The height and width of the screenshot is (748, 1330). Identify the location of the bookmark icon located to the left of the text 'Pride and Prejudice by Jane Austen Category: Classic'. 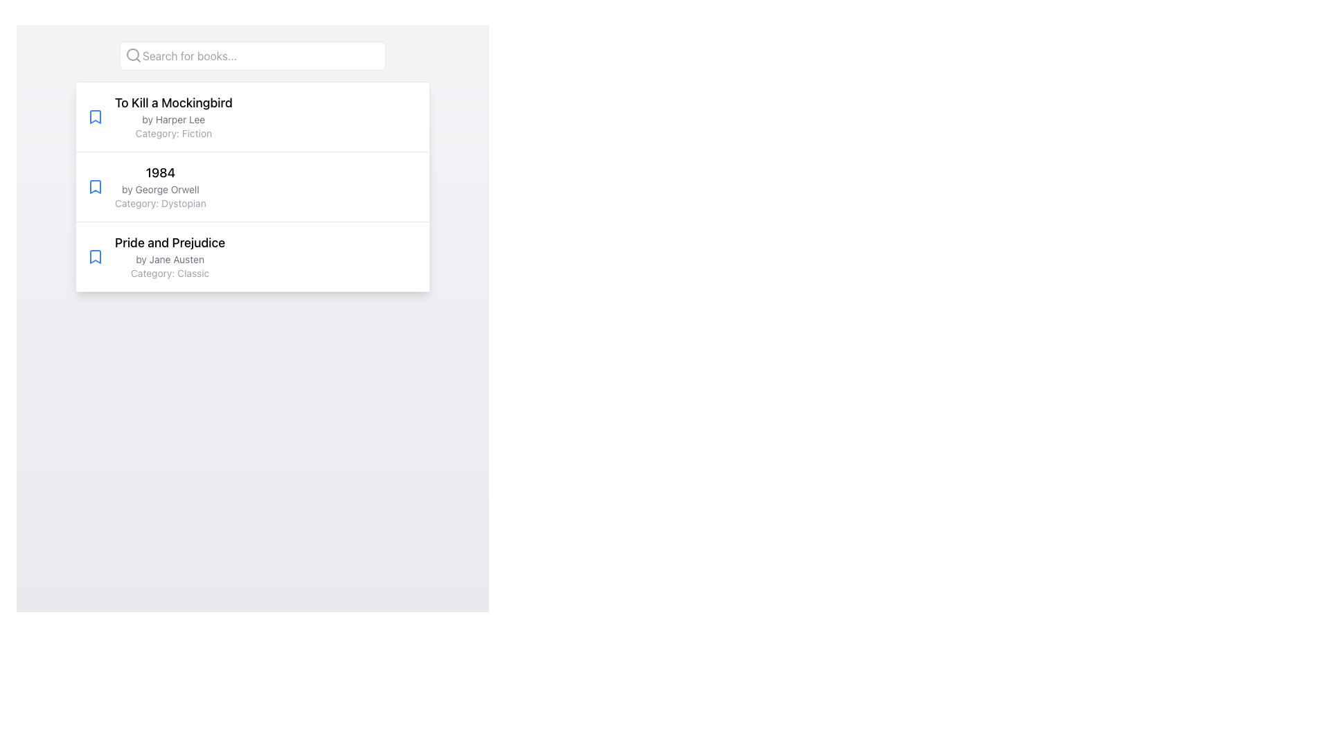
(95, 256).